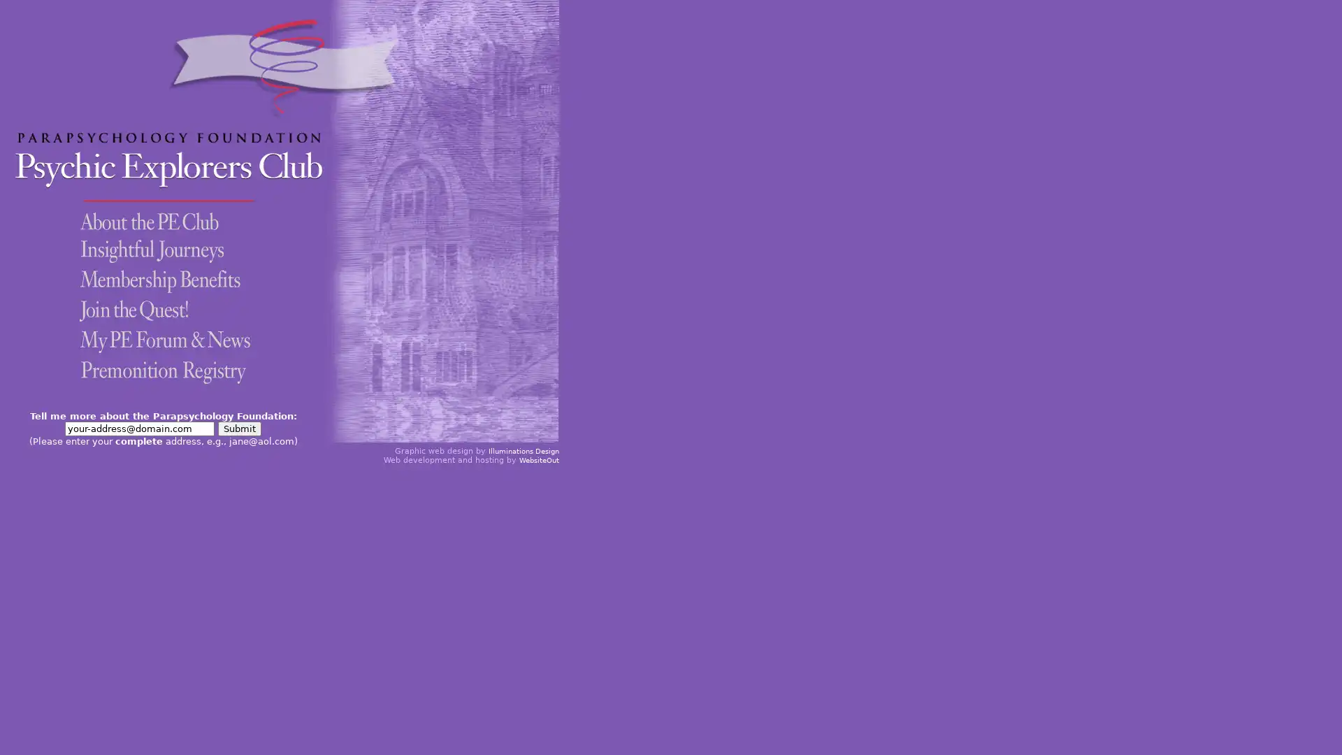 Image resolution: width=1342 pixels, height=755 pixels. I want to click on Submit, so click(239, 428).